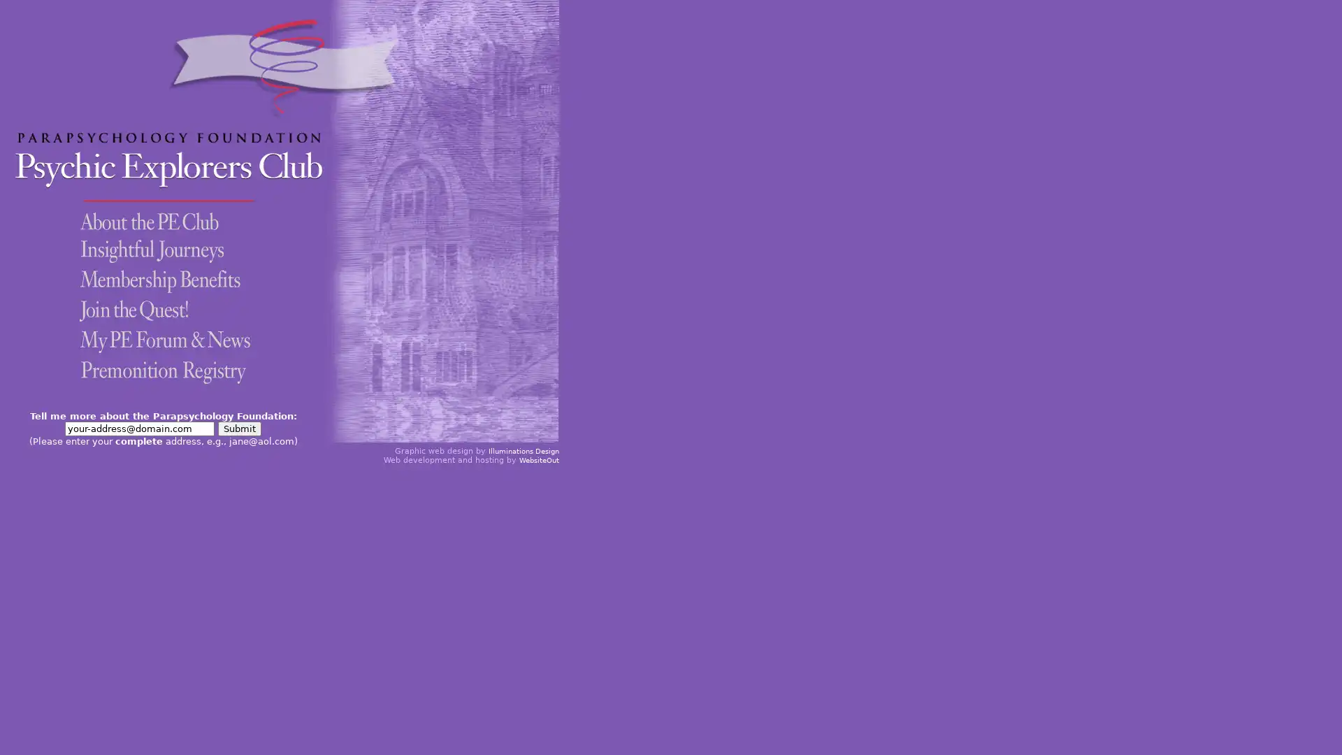 Image resolution: width=1342 pixels, height=755 pixels. I want to click on Submit, so click(239, 428).